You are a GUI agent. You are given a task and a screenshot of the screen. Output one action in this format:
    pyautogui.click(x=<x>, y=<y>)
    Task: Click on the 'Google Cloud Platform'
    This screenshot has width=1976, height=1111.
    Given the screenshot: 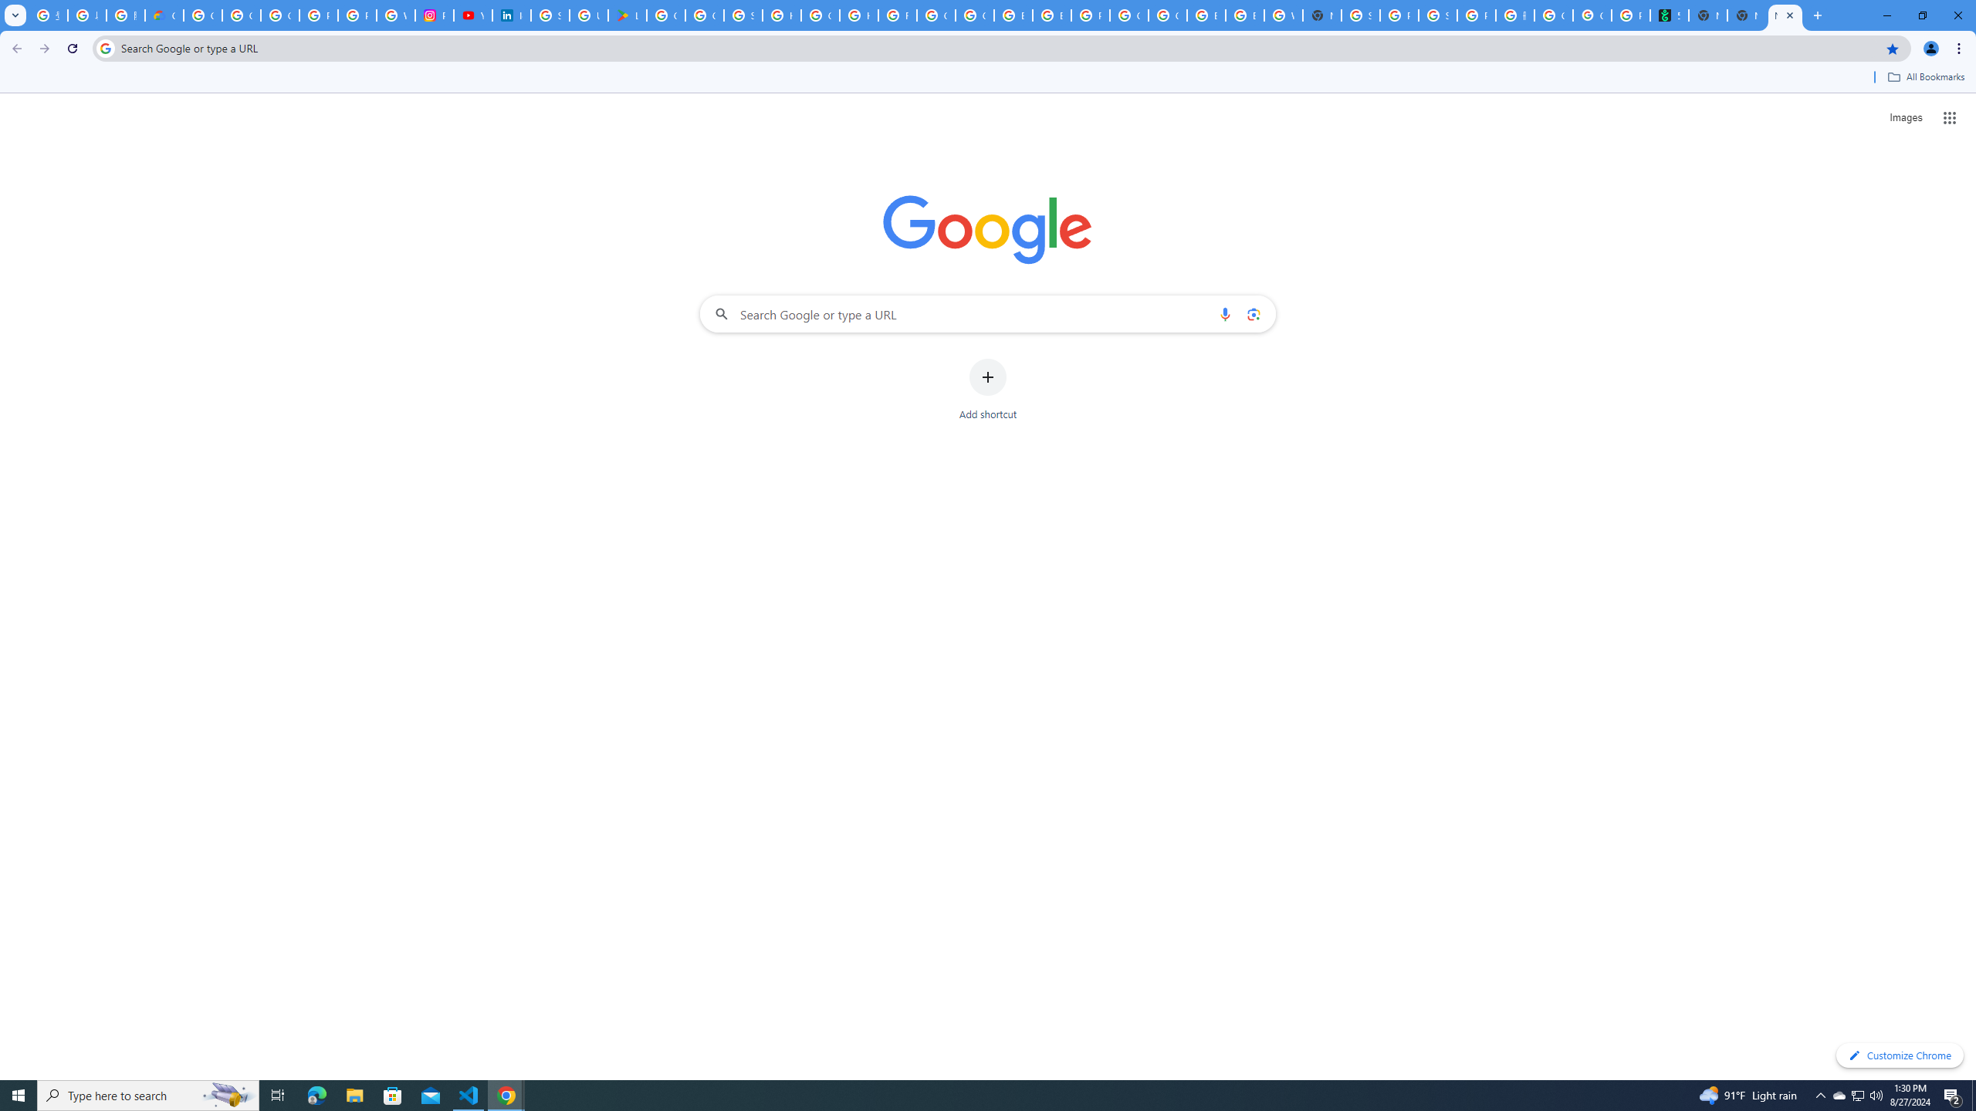 What is the action you would take?
    pyautogui.click(x=1167, y=15)
    